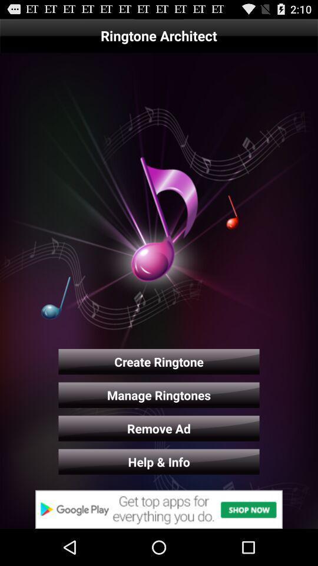 This screenshot has height=566, width=318. I want to click on open advertisement, so click(159, 509).